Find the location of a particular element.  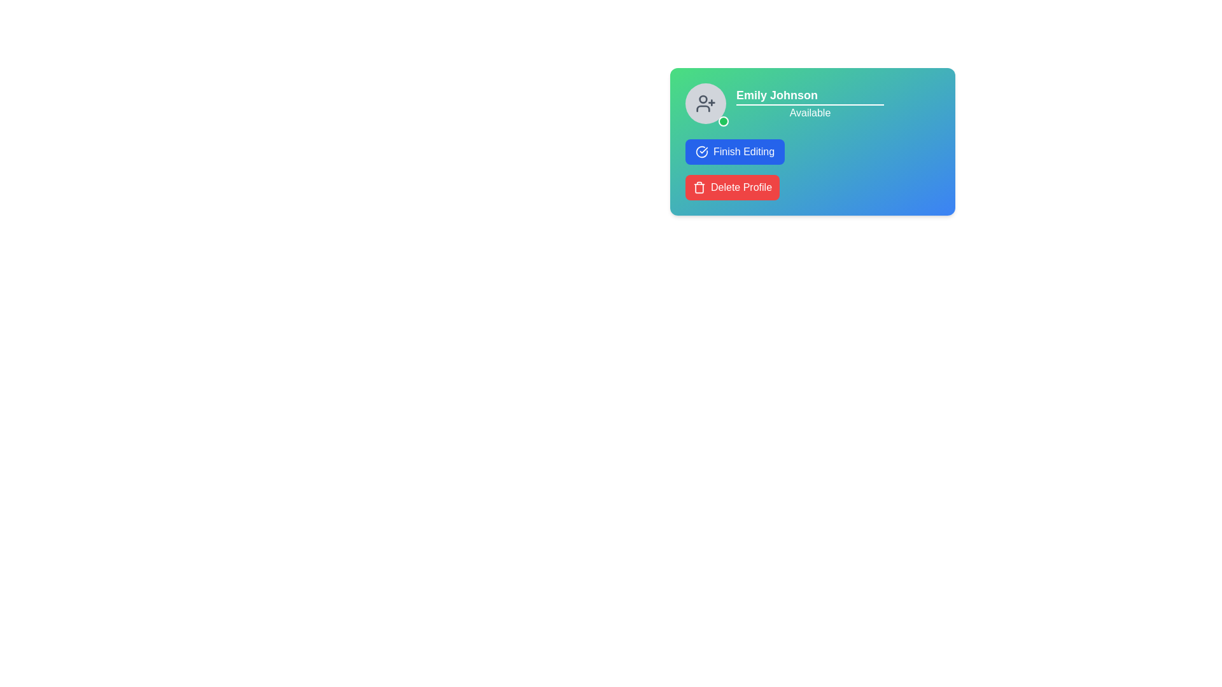

the delete icon located within the red 'Delete Profile' button at the bottom of the user profile card is located at coordinates (699, 187).